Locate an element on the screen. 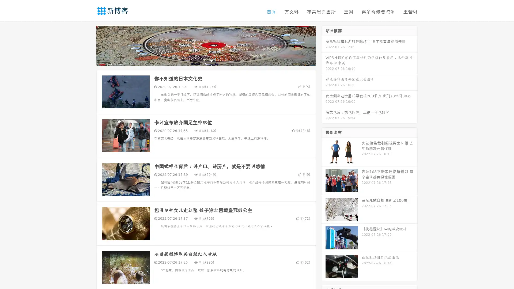 The image size is (514, 289). Next slide is located at coordinates (323, 45).